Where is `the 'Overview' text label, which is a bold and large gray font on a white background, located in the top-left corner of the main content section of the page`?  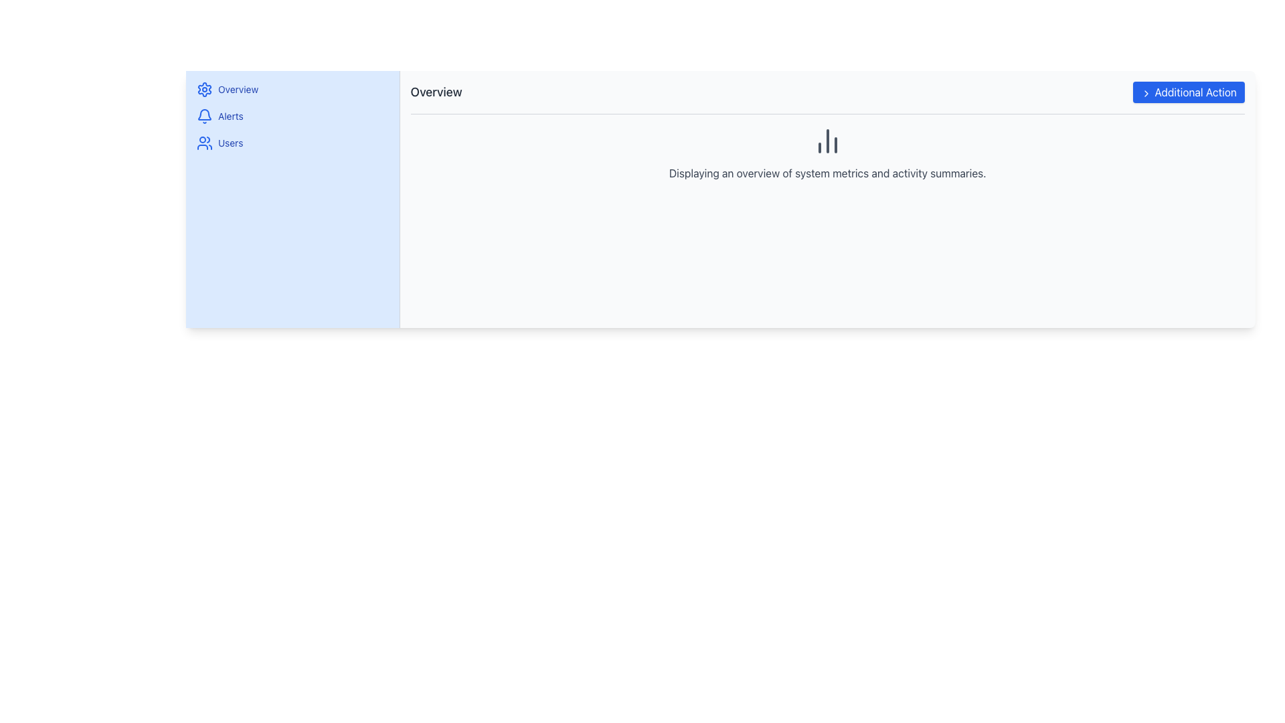 the 'Overview' text label, which is a bold and large gray font on a white background, located in the top-left corner of the main content section of the page is located at coordinates (436, 92).